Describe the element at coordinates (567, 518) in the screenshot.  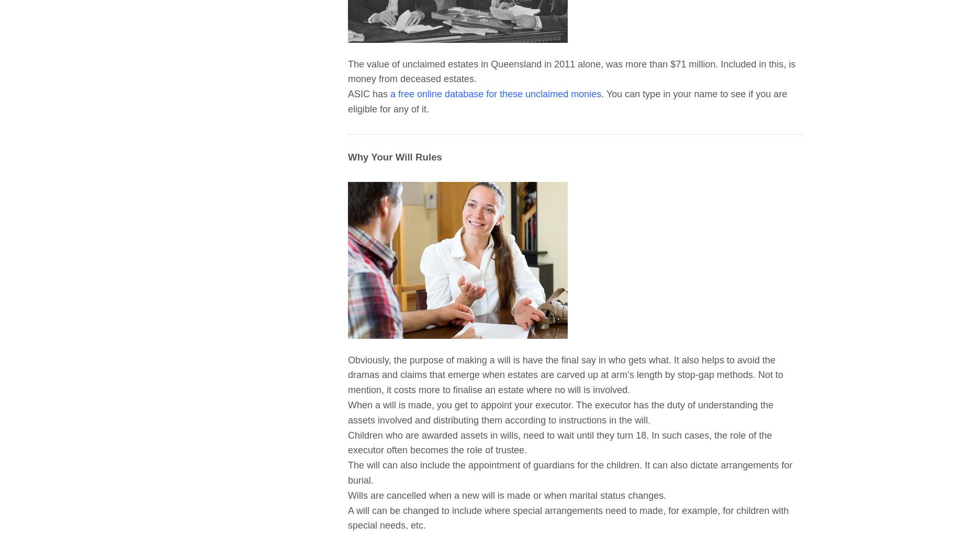
I see `'A will can be changed to include where special arrangements need to made, for example, for children with special needs, etc.'` at that location.